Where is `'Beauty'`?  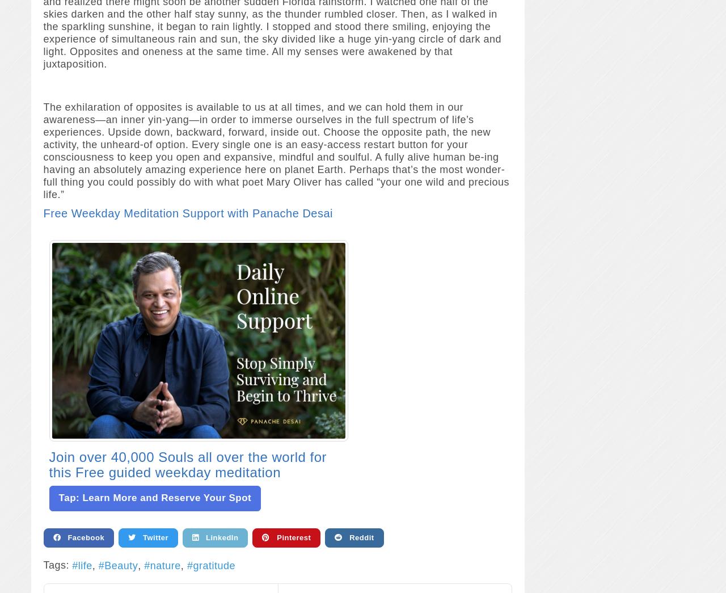 'Beauty' is located at coordinates (121, 566).